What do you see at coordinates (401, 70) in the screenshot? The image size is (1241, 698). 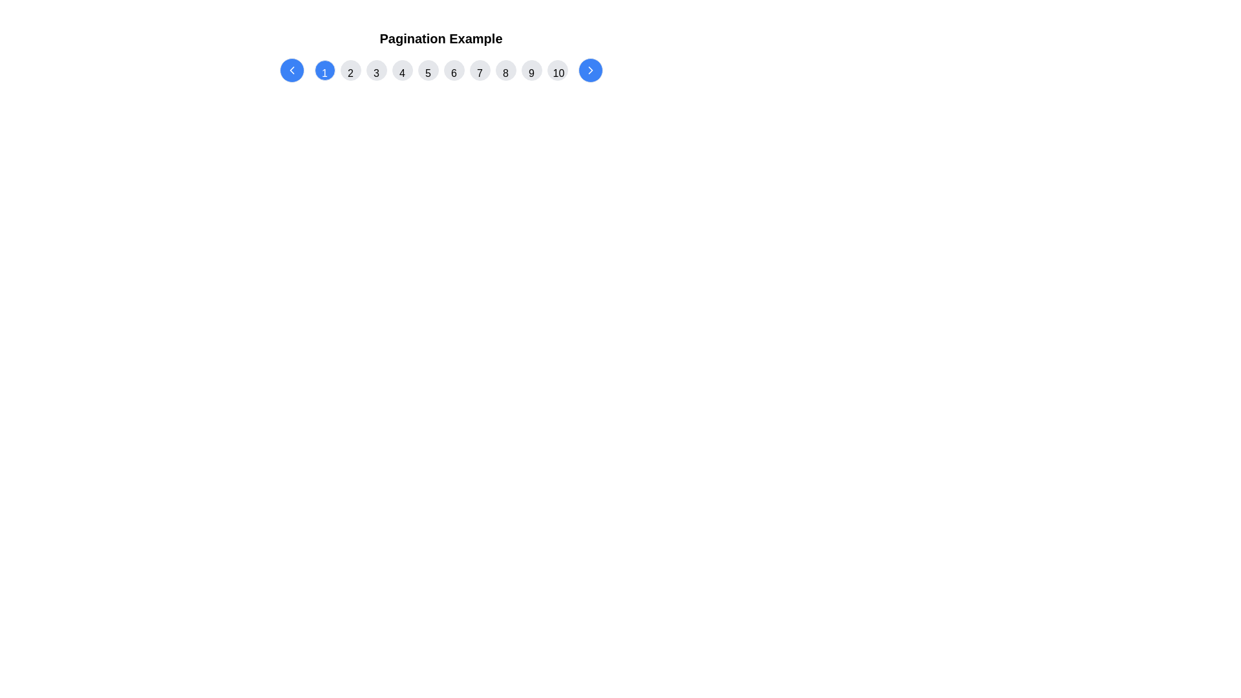 I see `the pagination button labeled '4'` at bounding box center [401, 70].